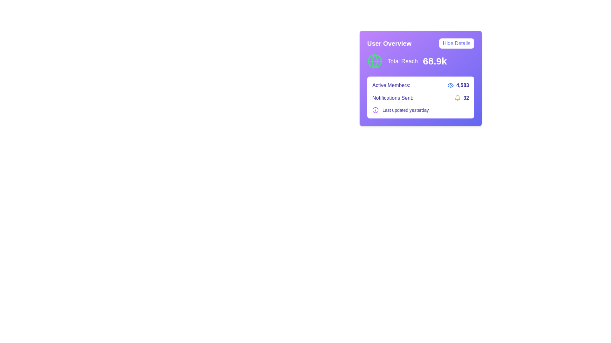 The width and height of the screenshot is (611, 343). I want to click on the 'Active Members' count element, which is located to the right of the label 'Active Members:' and adjacent to a blue eye icon, so click(458, 85).